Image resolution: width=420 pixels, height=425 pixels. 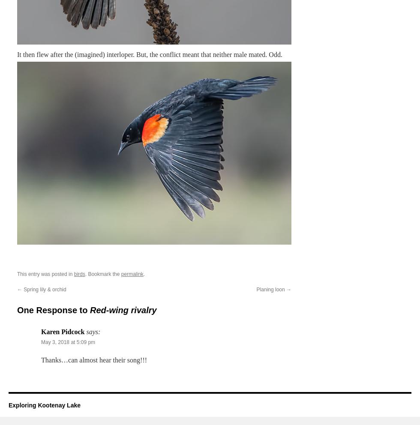 What do you see at coordinates (79, 274) in the screenshot?
I see `'birds'` at bounding box center [79, 274].